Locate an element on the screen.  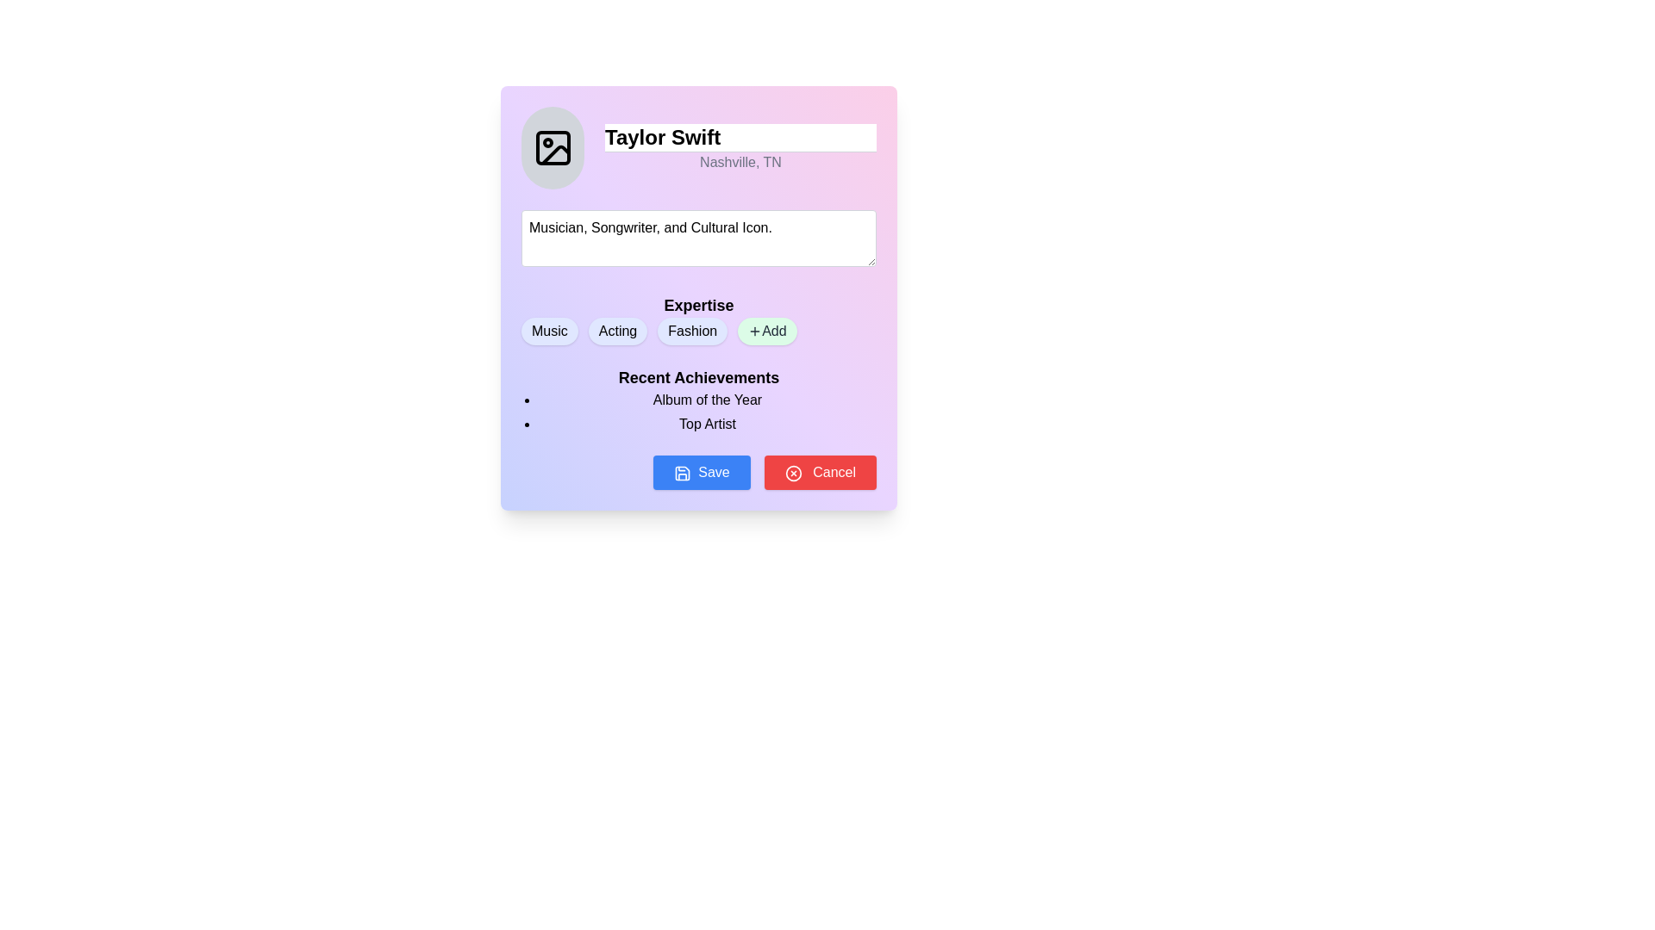
the 'Save' button located at the bottom of the modal is located at coordinates (702, 472).